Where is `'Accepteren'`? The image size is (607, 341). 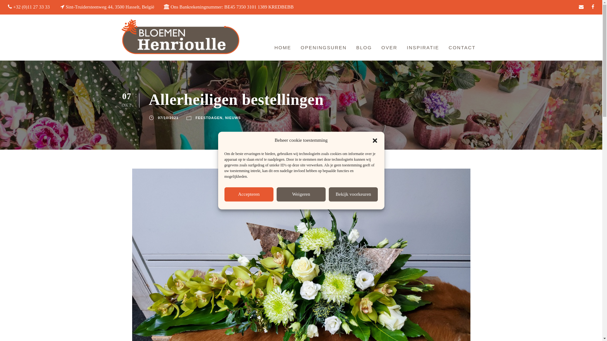
'Accepteren' is located at coordinates (248, 194).